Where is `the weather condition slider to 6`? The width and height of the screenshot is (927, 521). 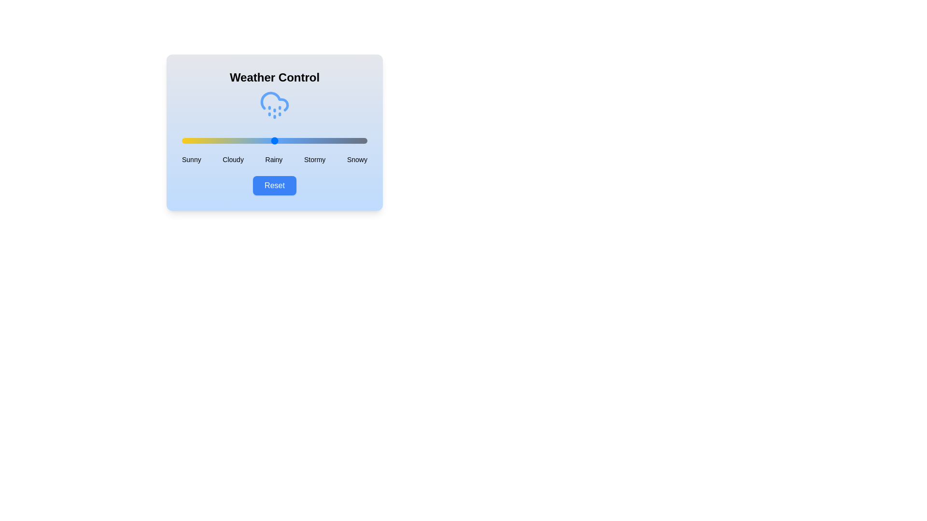 the weather condition slider to 6 is located at coordinates (193, 141).